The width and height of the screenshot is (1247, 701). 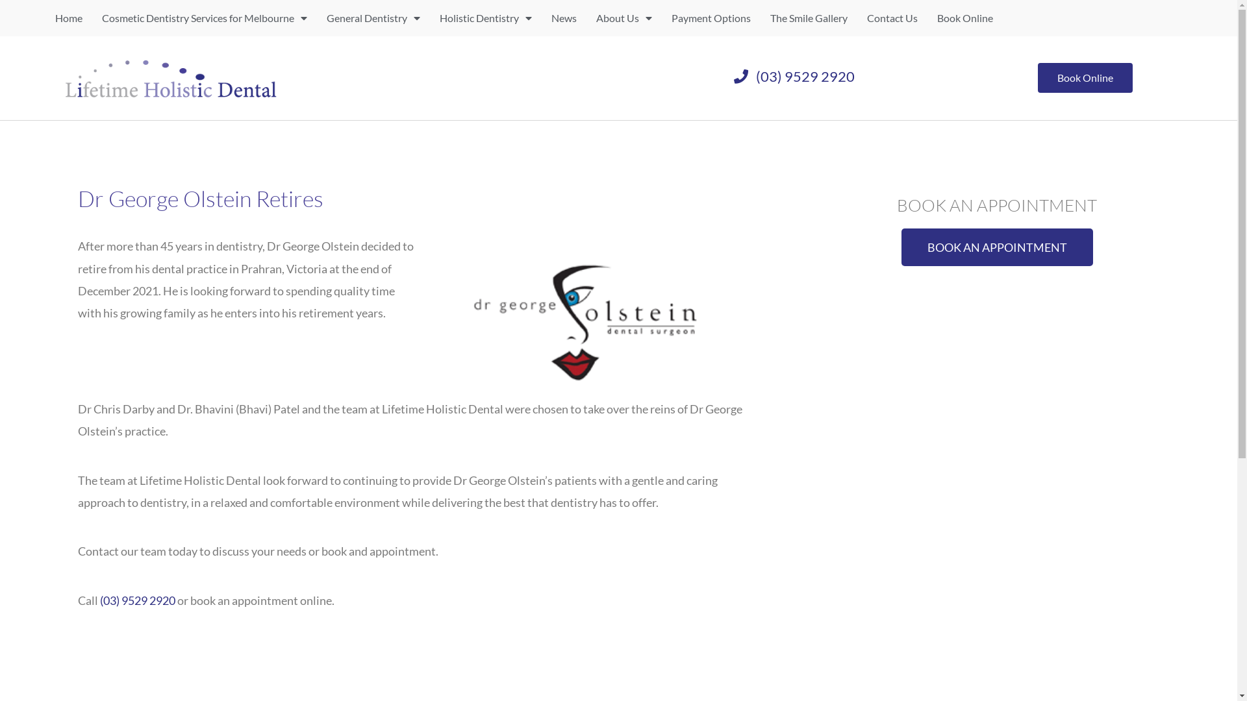 I want to click on 'Holistic Dentistry', so click(x=430, y=18).